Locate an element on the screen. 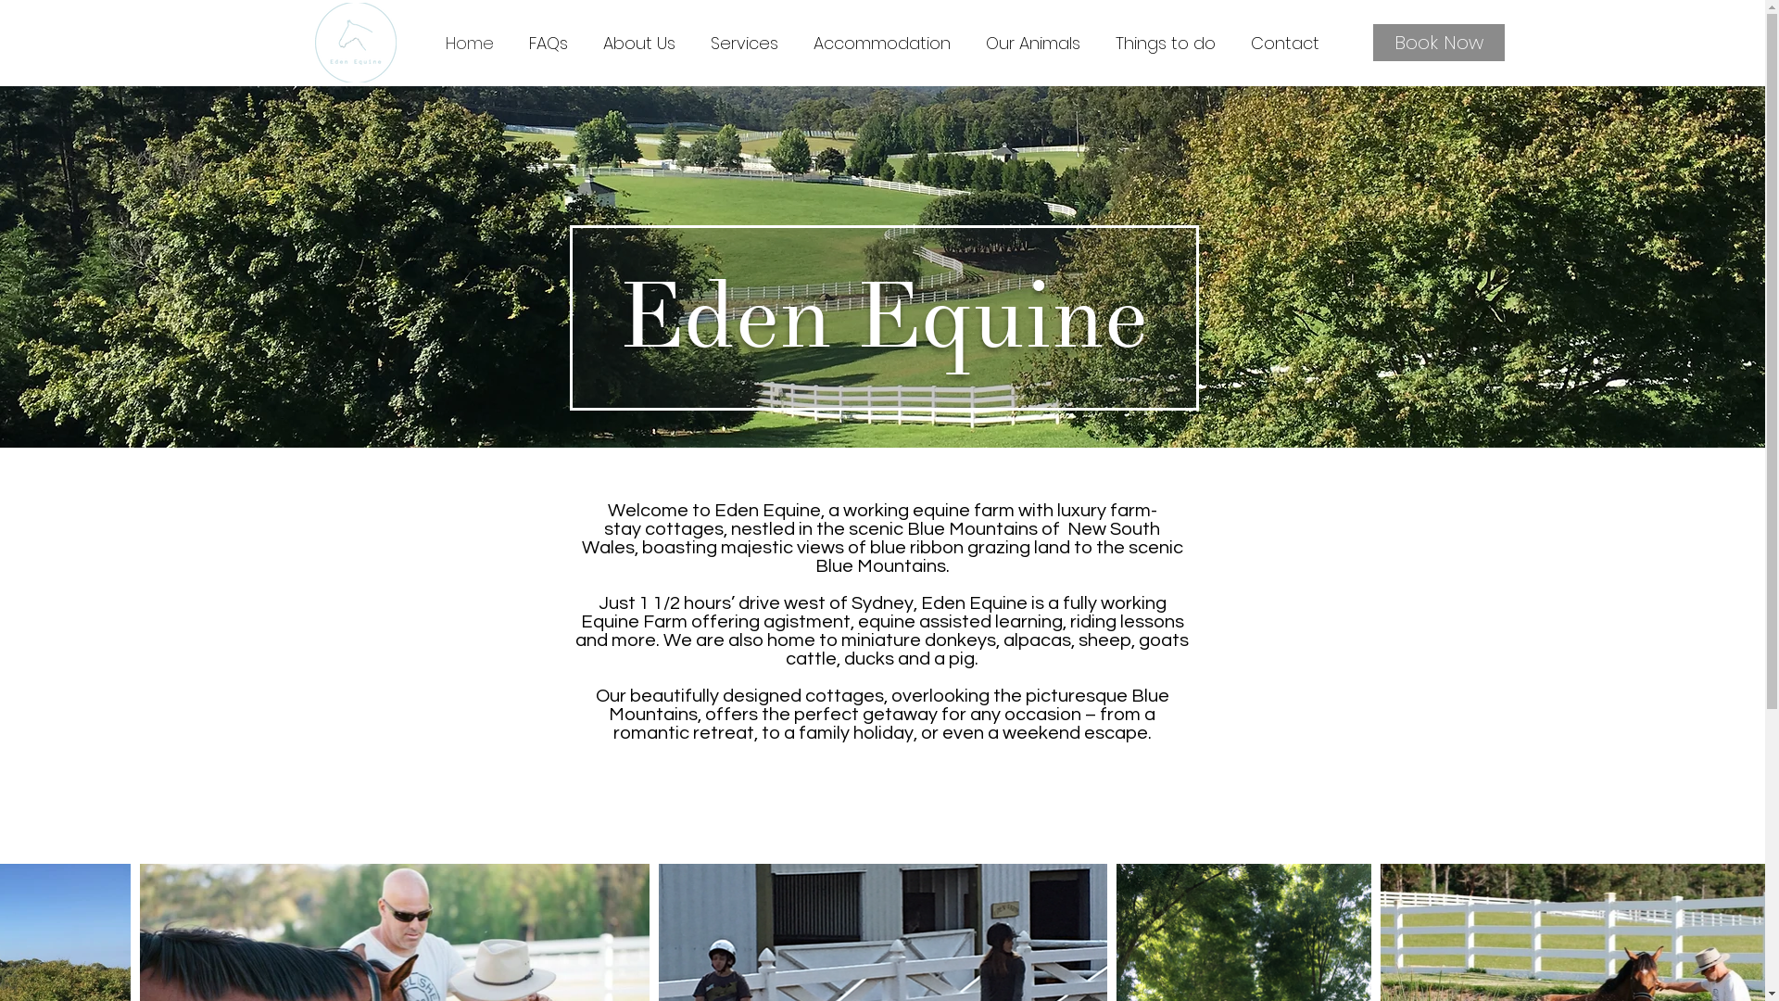  'Home' is located at coordinates (469, 42).